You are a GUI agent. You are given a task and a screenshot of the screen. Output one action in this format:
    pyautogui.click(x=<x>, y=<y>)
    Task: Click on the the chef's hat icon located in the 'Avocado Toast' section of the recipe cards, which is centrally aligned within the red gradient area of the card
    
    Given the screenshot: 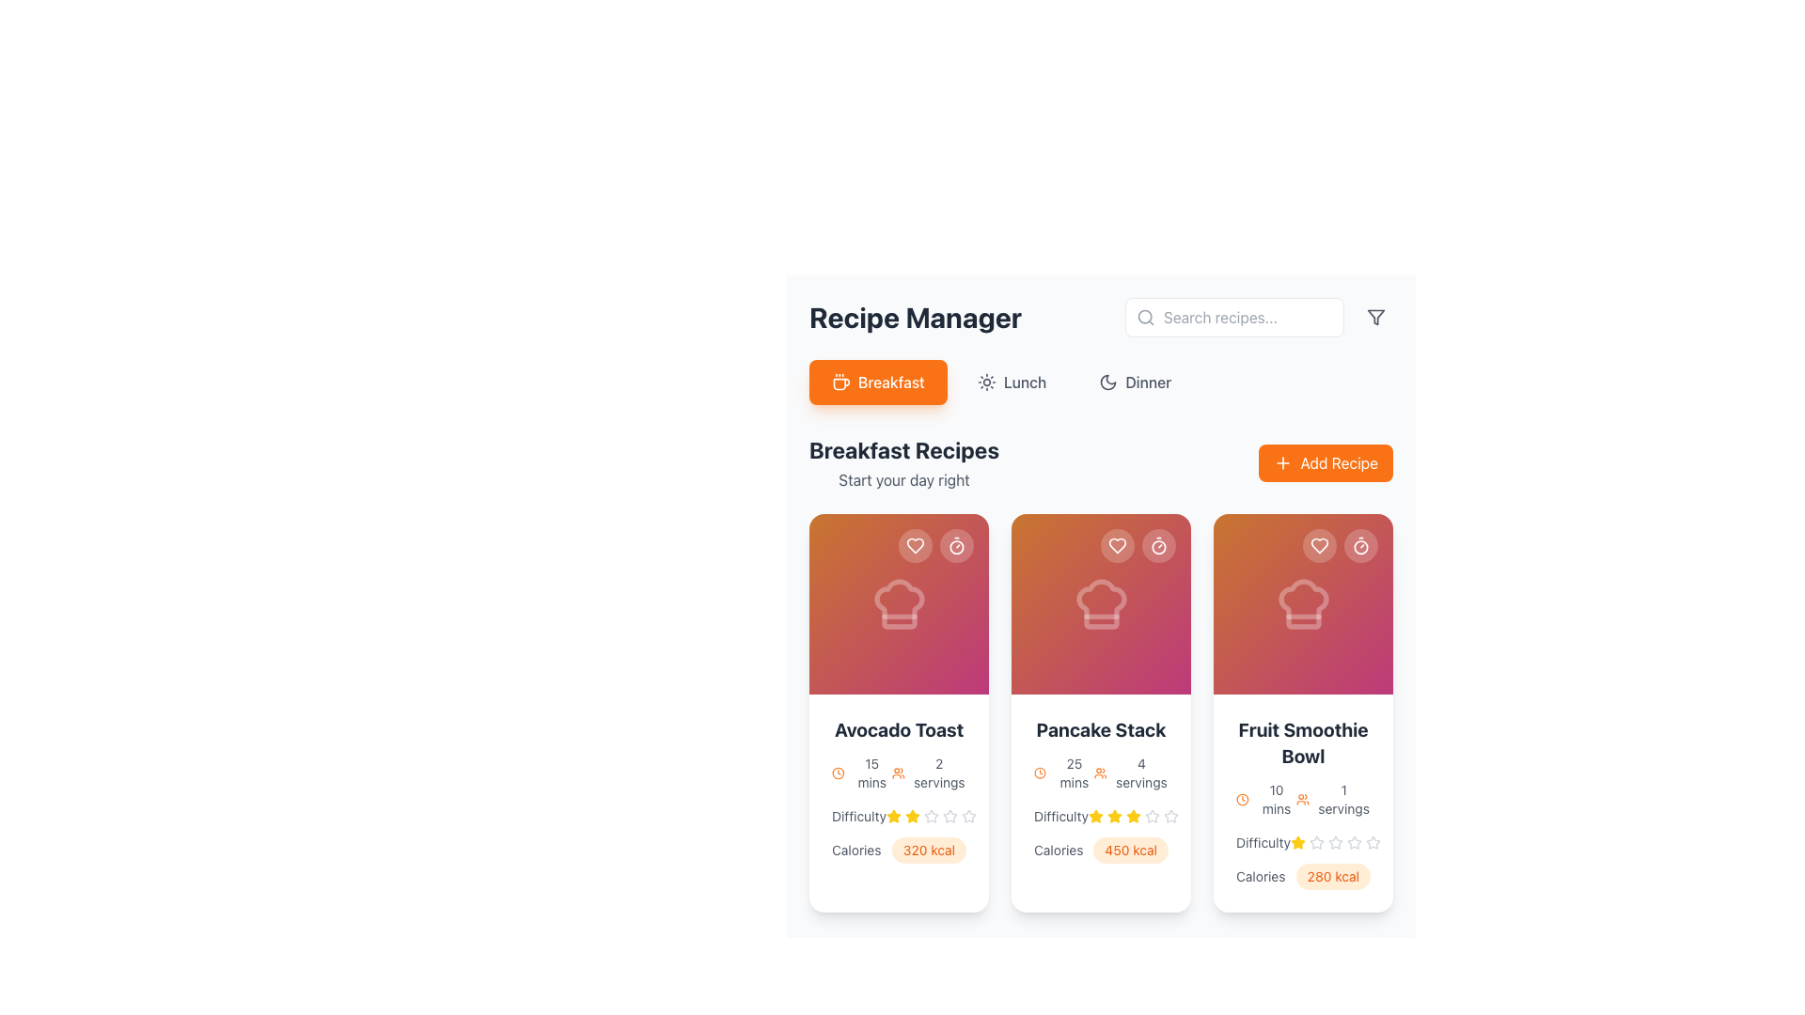 What is the action you would take?
    pyautogui.click(x=898, y=604)
    